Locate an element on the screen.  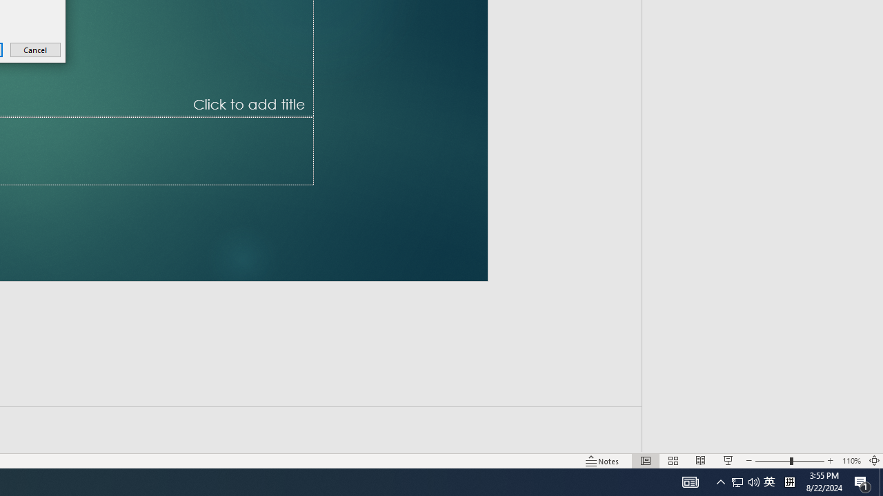
'Print Layout' is located at coordinates (637, 441).